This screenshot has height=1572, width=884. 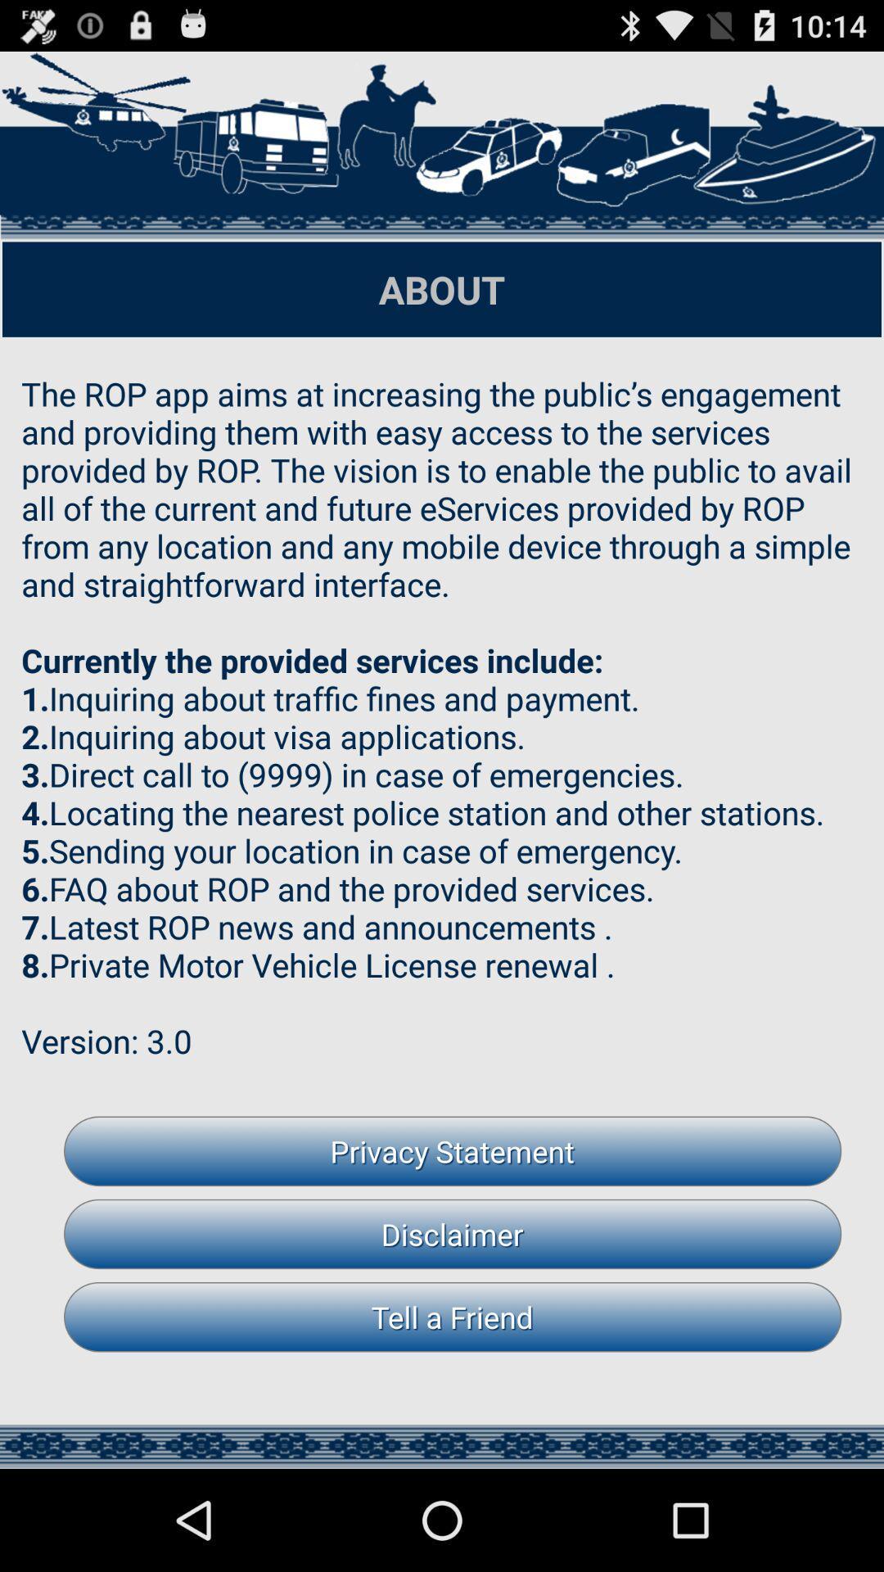 I want to click on disclaimer button, so click(x=453, y=1234).